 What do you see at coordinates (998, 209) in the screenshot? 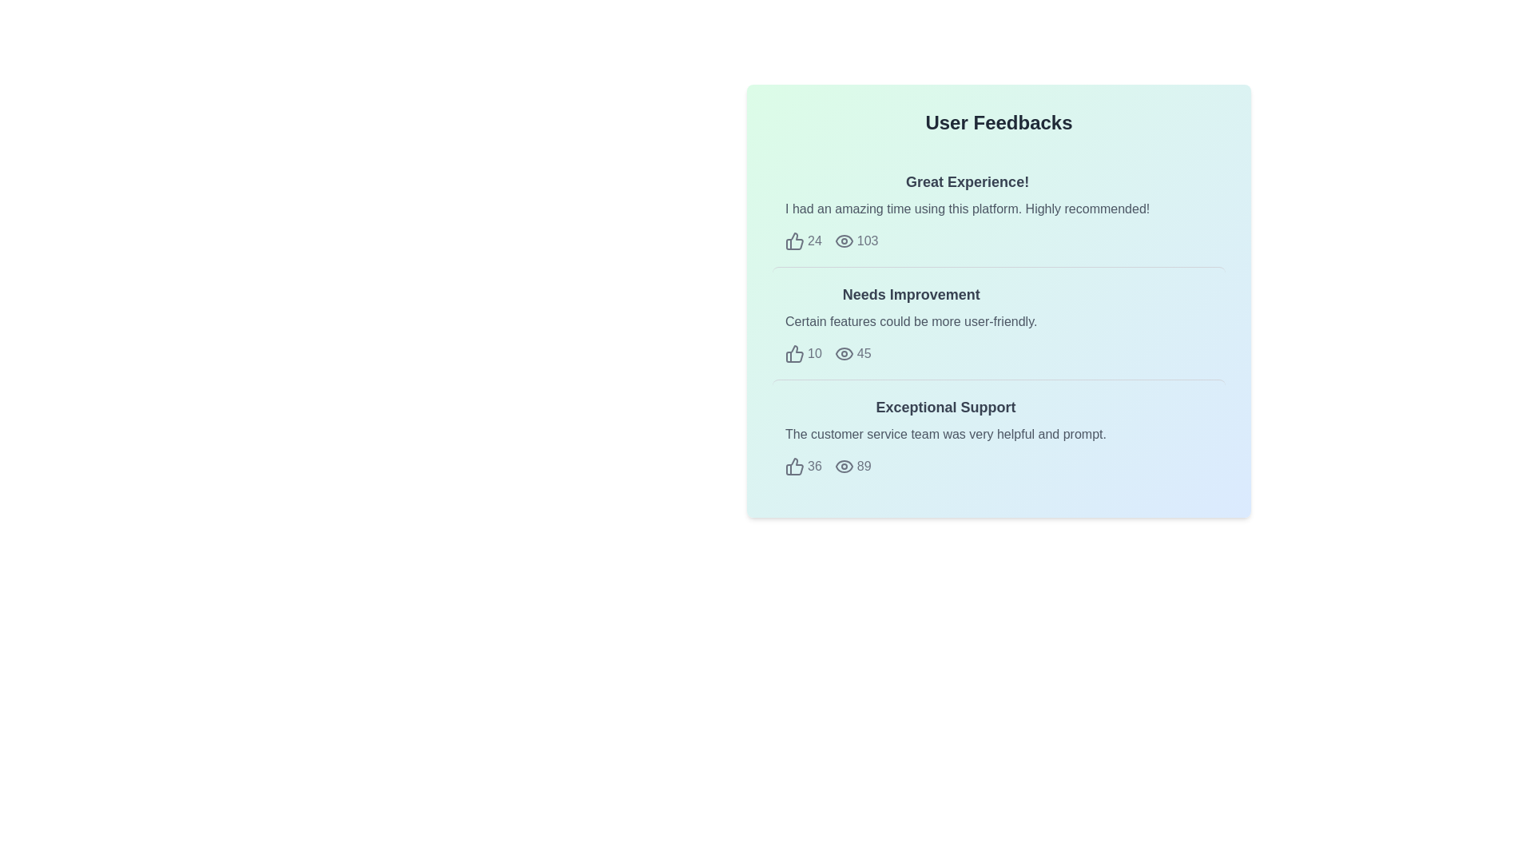
I see `the feedback item titled 'Great Experience!'` at bounding box center [998, 209].